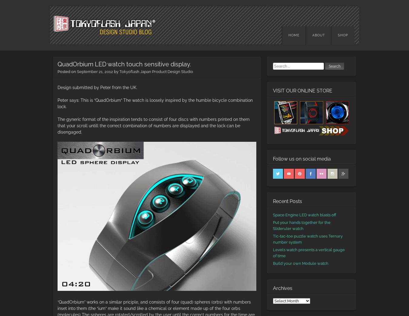  Describe the element at coordinates (302, 90) in the screenshot. I see `'VISIT OUR ONLINE STORE'` at that location.